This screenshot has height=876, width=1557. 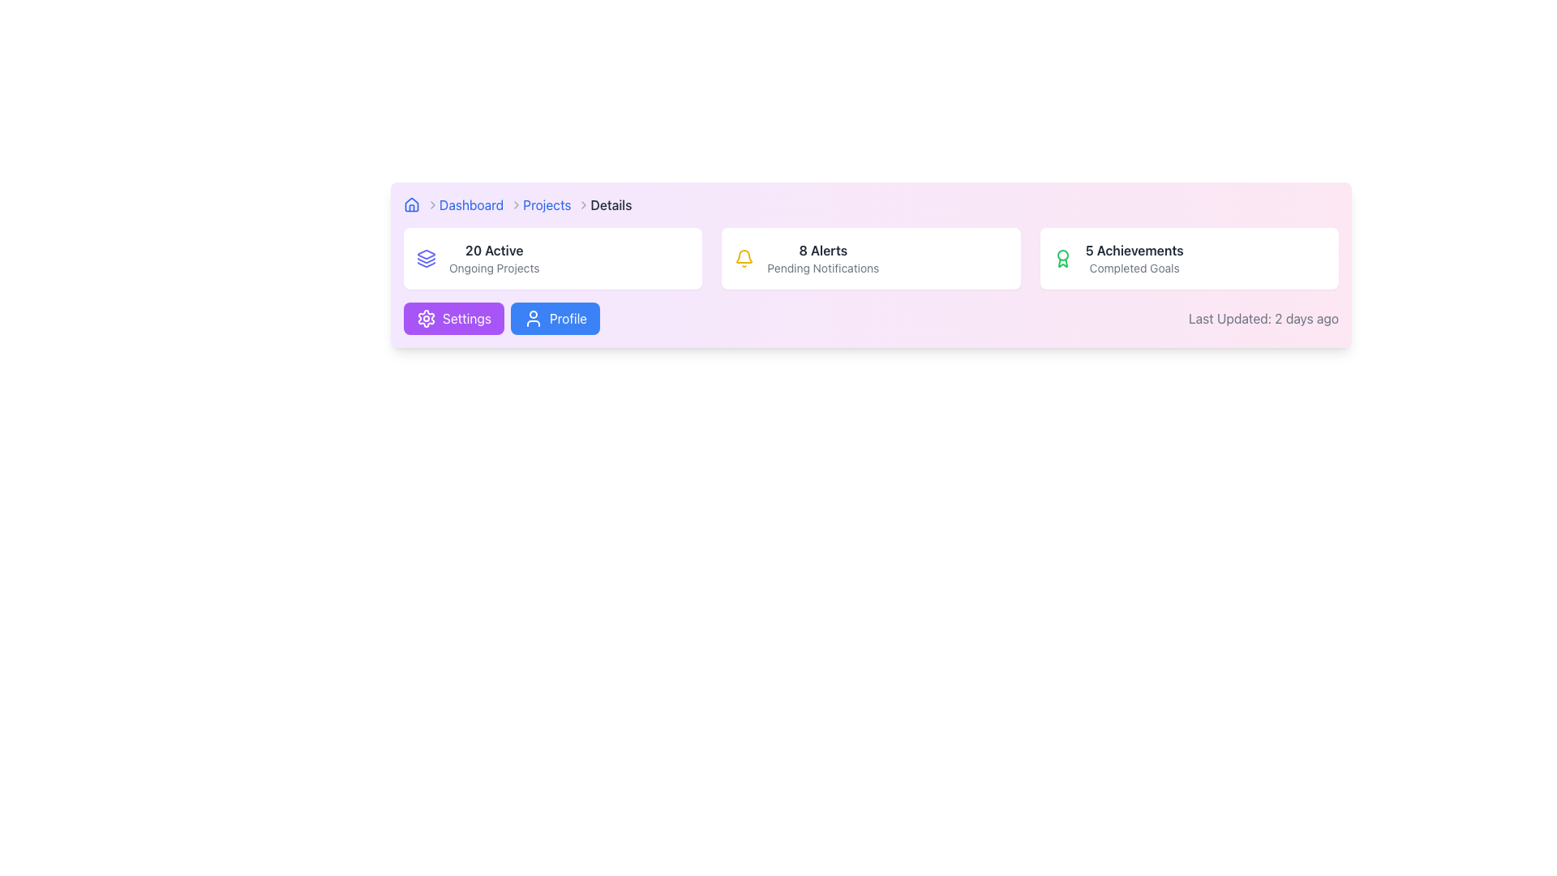 I want to click on the text label that indicates ongoing projects, positioned below '20 Active' in the top-left section of the interface, so click(x=493, y=268).